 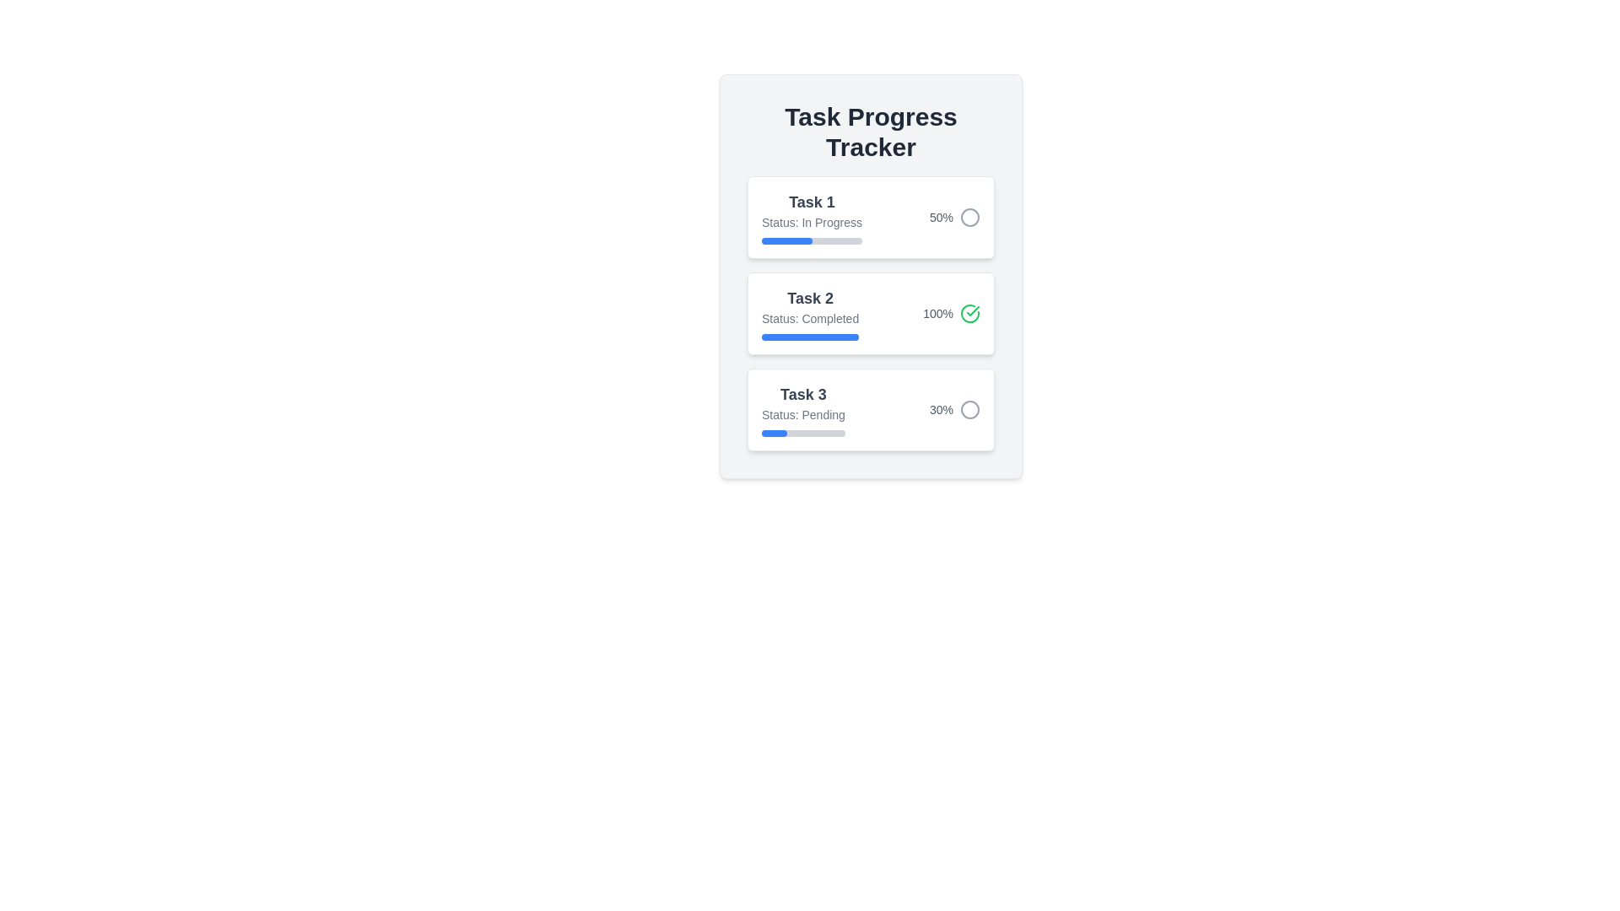 I want to click on the Text component that indicates task completion percentage ('100%') located in the second task card ('Task 2'), positioned to the left of a green checkmark icon and above the progress bar, so click(x=937, y=313).